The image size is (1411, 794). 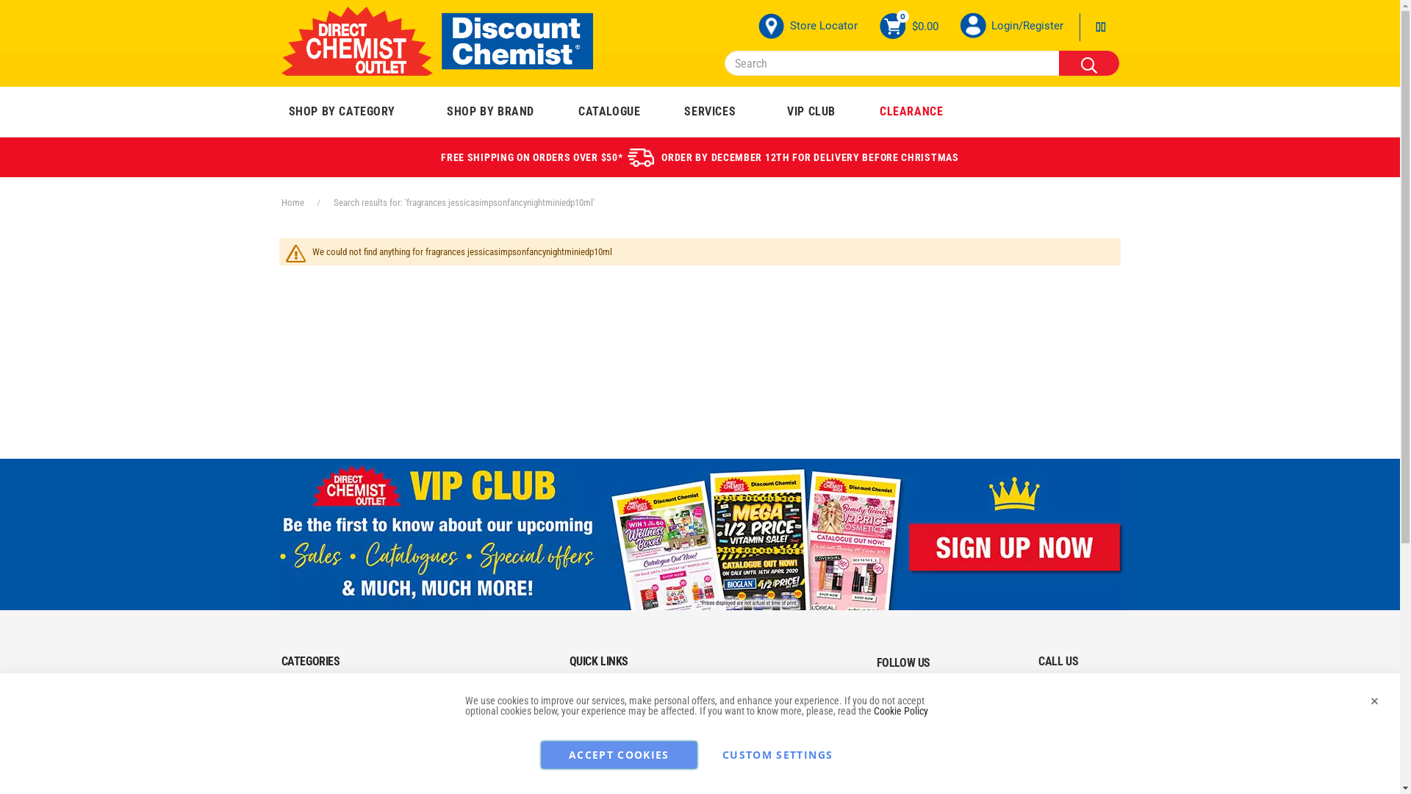 What do you see at coordinates (1025, 25) in the screenshot?
I see `'Login/Register'` at bounding box center [1025, 25].